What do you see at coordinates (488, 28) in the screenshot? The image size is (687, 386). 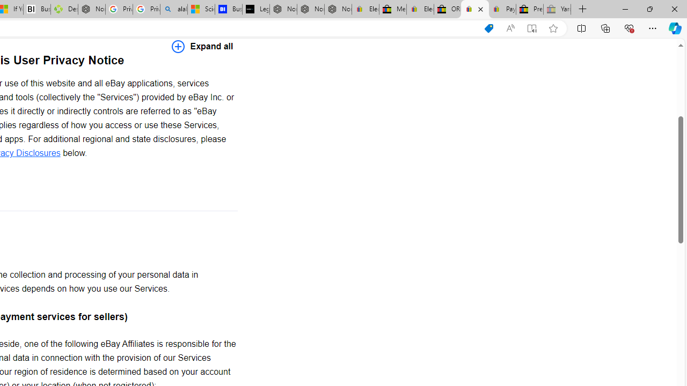 I see `'This site has coupons! Shopping in Microsoft Edge'` at bounding box center [488, 28].